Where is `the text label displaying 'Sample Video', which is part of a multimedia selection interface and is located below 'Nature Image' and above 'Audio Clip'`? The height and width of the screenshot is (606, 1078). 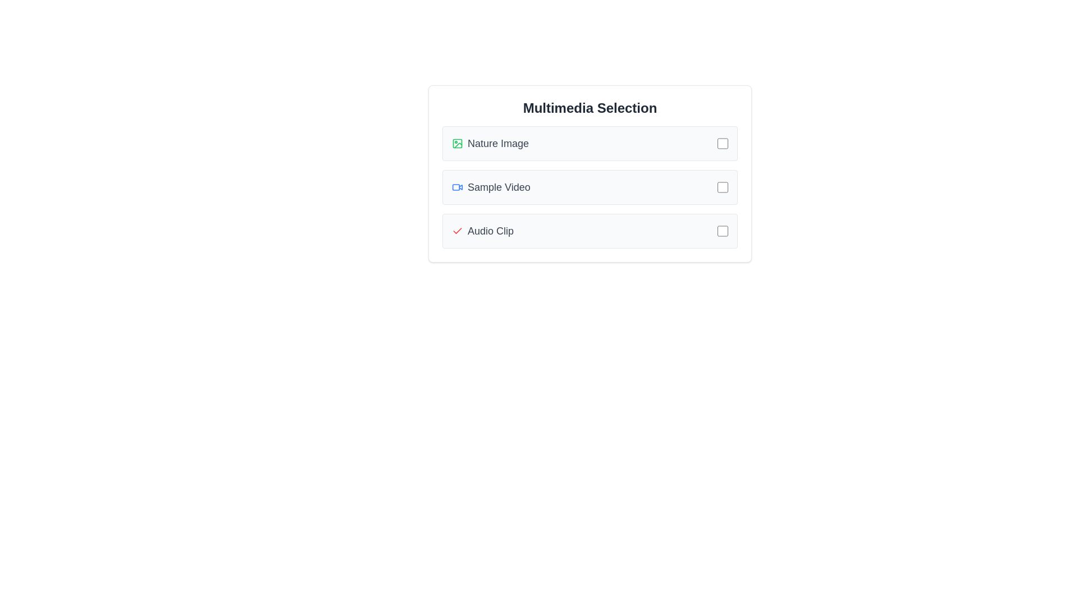 the text label displaying 'Sample Video', which is part of a multimedia selection interface and is located below 'Nature Image' and above 'Audio Clip' is located at coordinates (498, 187).